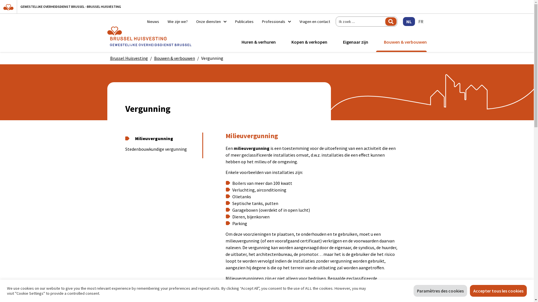 The image size is (538, 302). What do you see at coordinates (258, 42) in the screenshot?
I see `'Huren & verhuren'` at bounding box center [258, 42].